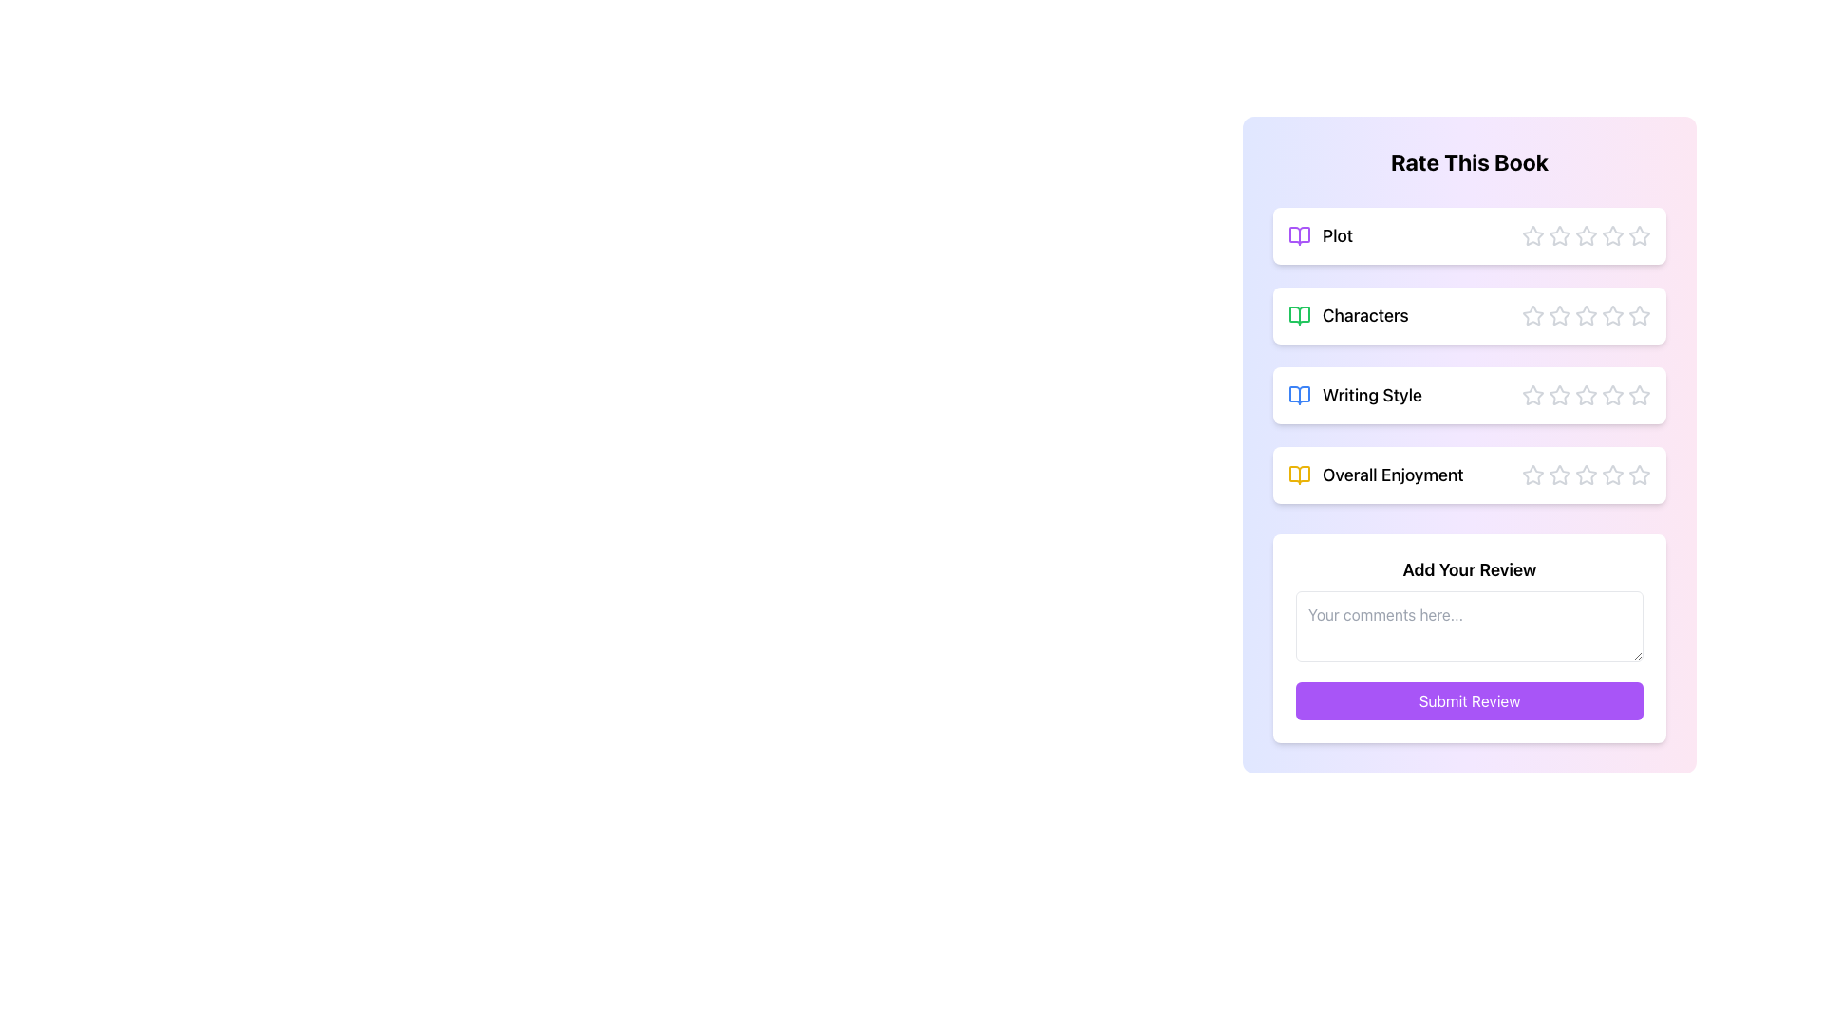  I want to click on the fifth star in the Characters rating section, so click(1639, 314).